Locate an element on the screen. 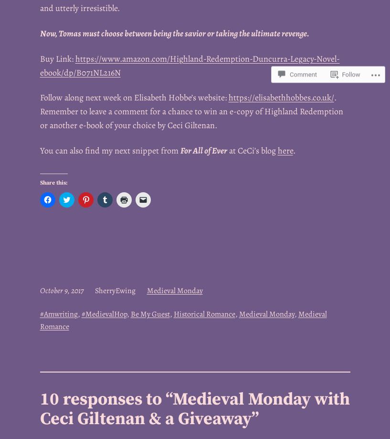 The height and width of the screenshot is (439, 390). 'Share this:' is located at coordinates (53, 182).